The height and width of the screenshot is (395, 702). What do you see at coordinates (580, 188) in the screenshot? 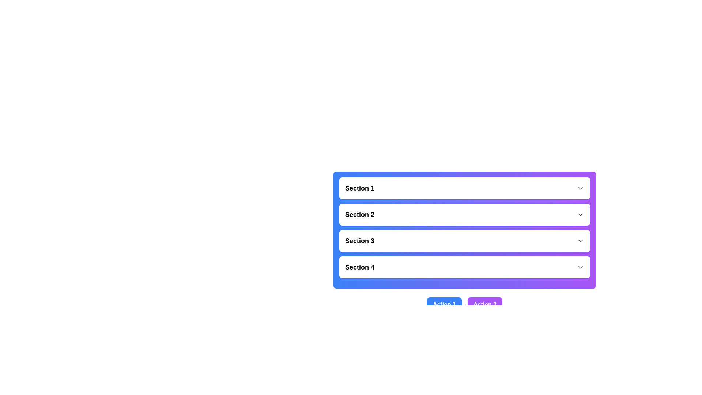
I see `the icon indicating the expandable or collapsible nature of Section 1` at bounding box center [580, 188].